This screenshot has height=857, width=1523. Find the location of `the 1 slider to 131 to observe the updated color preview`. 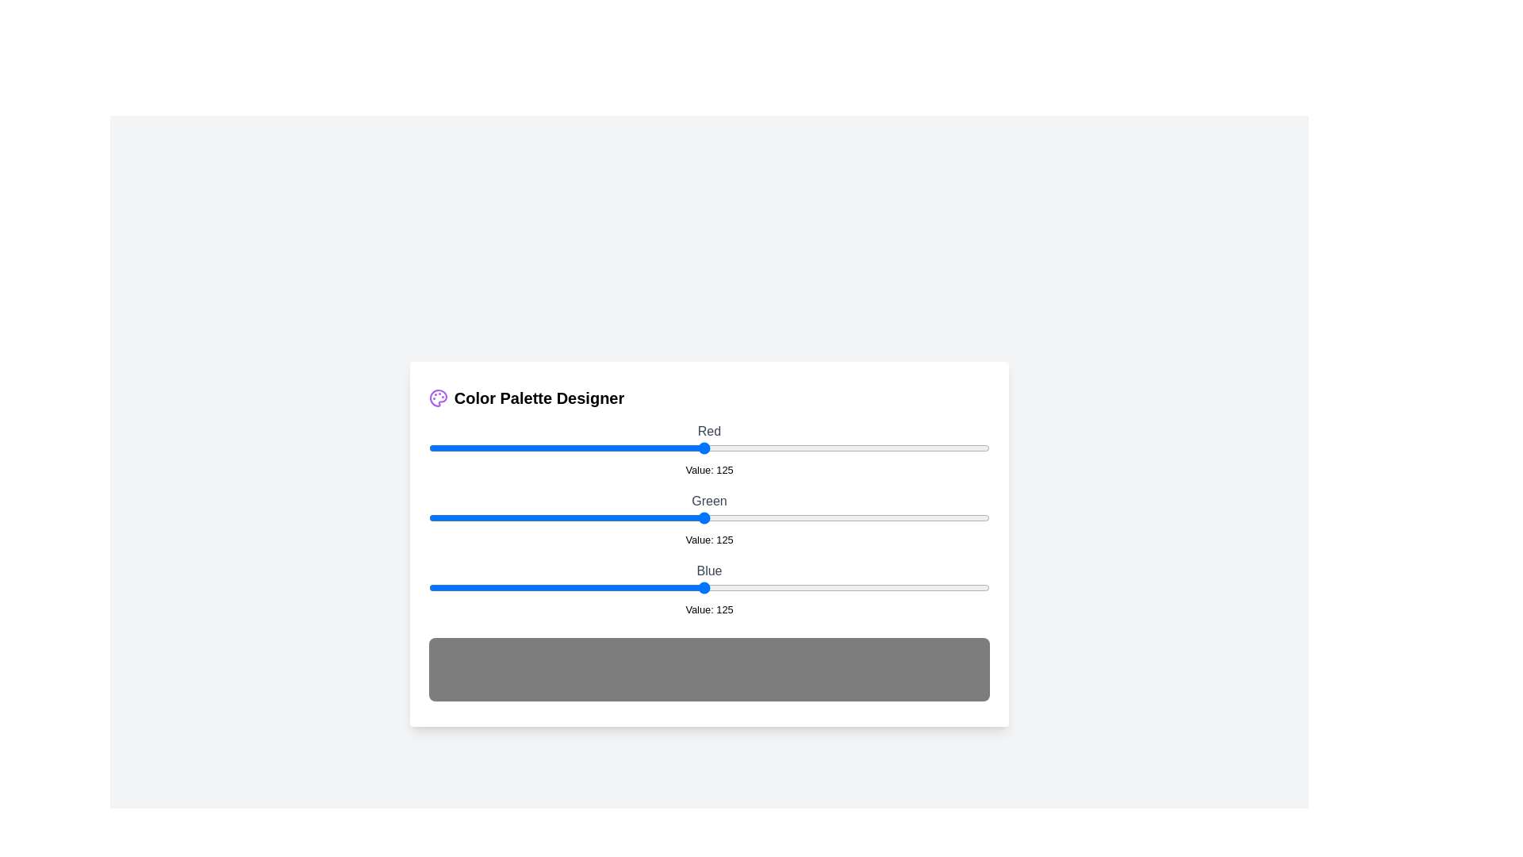

the 1 slider to 131 to observe the updated color preview is located at coordinates (716, 517).